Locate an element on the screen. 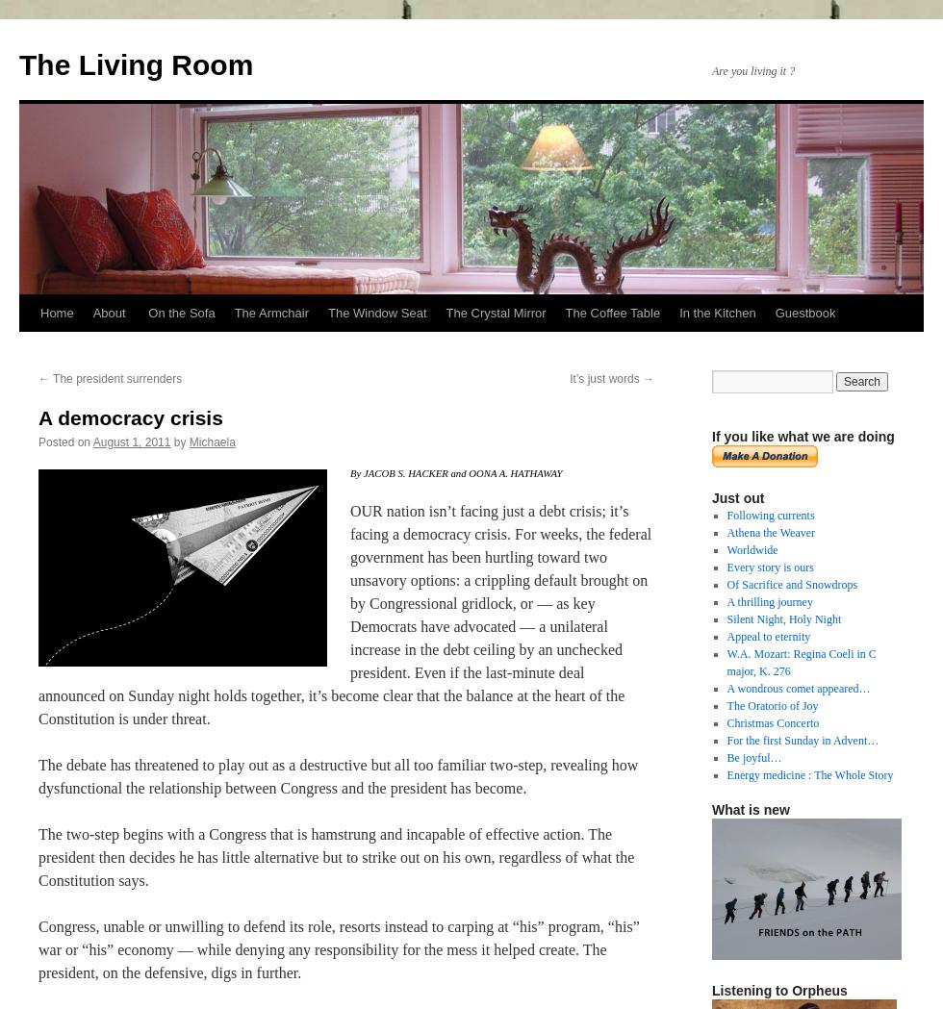  'For the first Sunday in Advent…' is located at coordinates (802, 740).